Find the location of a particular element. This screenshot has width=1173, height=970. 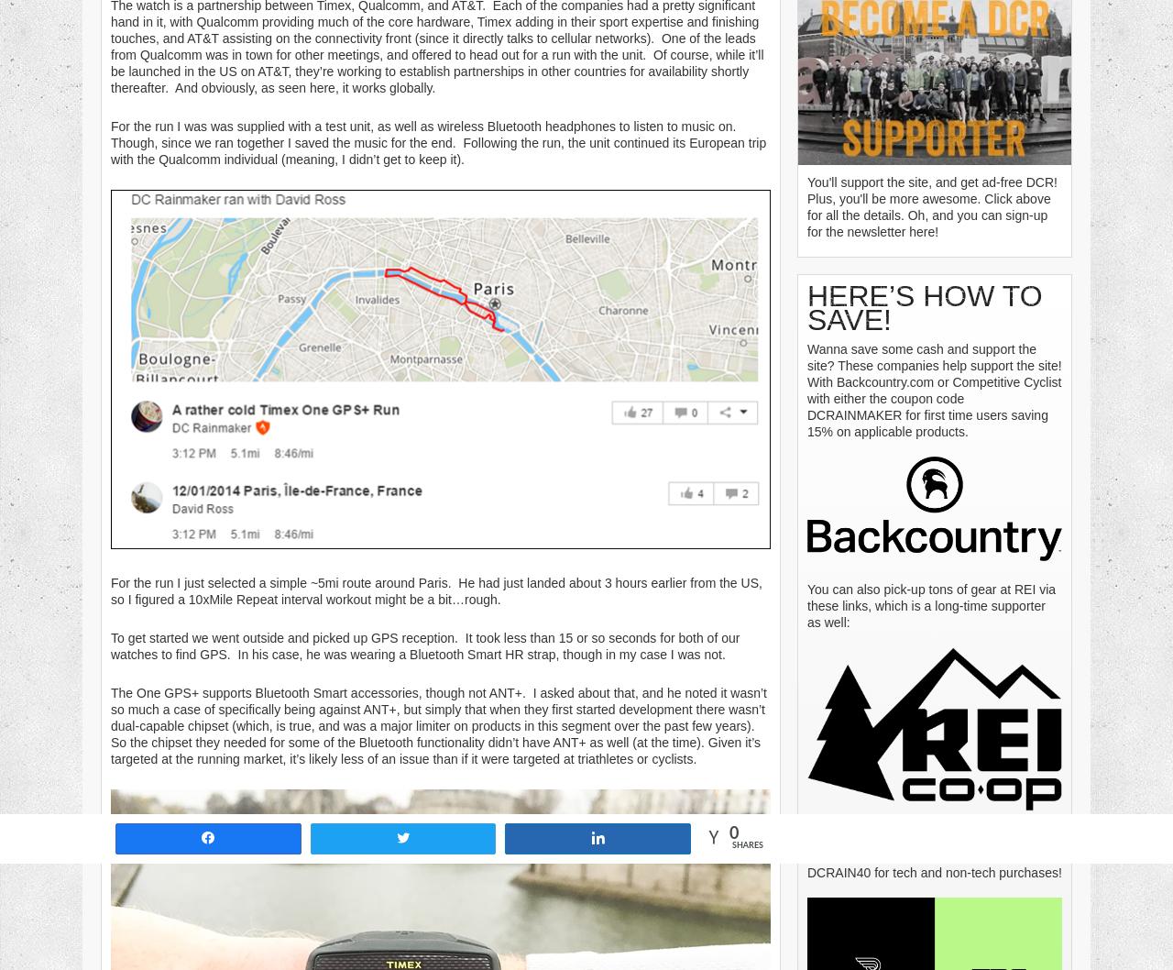

'The One GPS+ supports Bluetooth Smart accessories, though not ANT+.  I asked about that, and he noted it wasn’t so much a case of specifically being against ANT+, but simply that when they first started development there wasn’t dual-capable chipset (which, is true, and was a major limiter on products in this segment over the past few years).  So the chipset they needed for some of the Bluetooth functionality didn’t have ANT+ as well (at the time). Given it’s targeted at the running market, it’s likely less of an issue than if it were targeted at triathletes or cyclists.' is located at coordinates (437, 724).